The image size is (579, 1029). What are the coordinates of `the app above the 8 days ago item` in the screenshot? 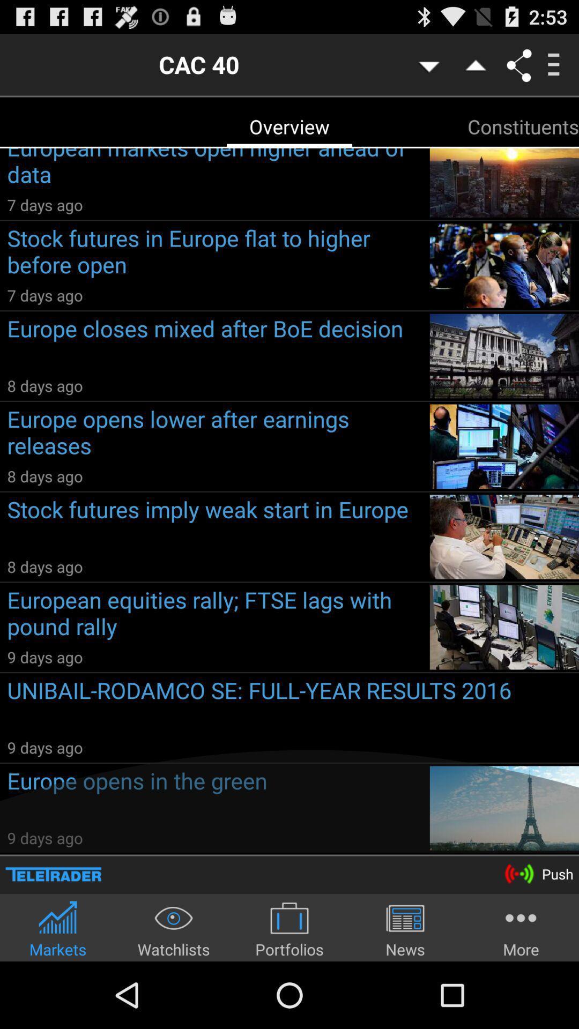 It's located at (214, 344).